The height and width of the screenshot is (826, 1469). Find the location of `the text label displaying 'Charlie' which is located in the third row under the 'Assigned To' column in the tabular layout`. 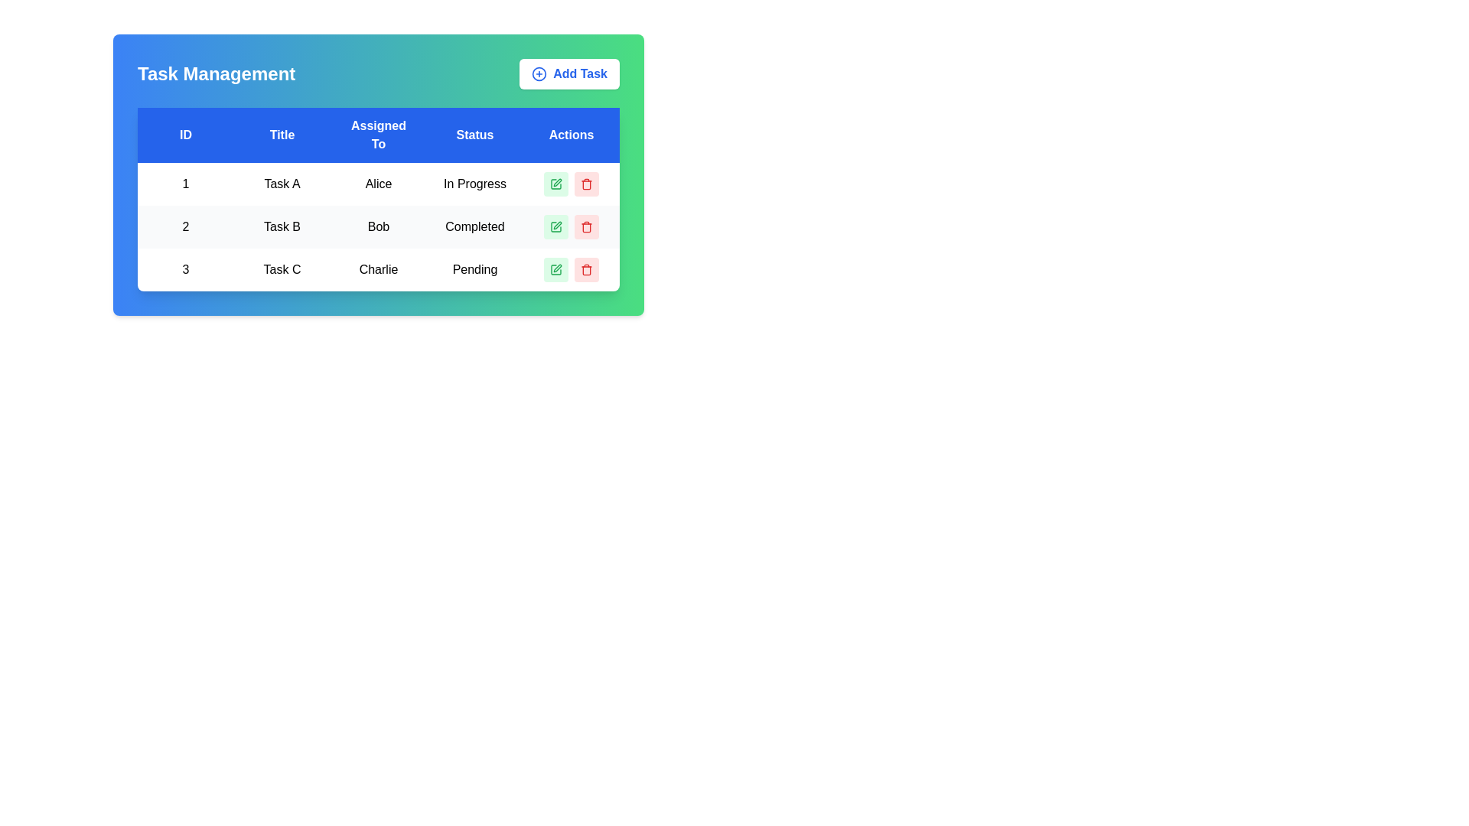

the text label displaying 'Charlie' which is located in the third row under the 'Assigned To' column in the tabular layout is located at coordinates (378, 269).